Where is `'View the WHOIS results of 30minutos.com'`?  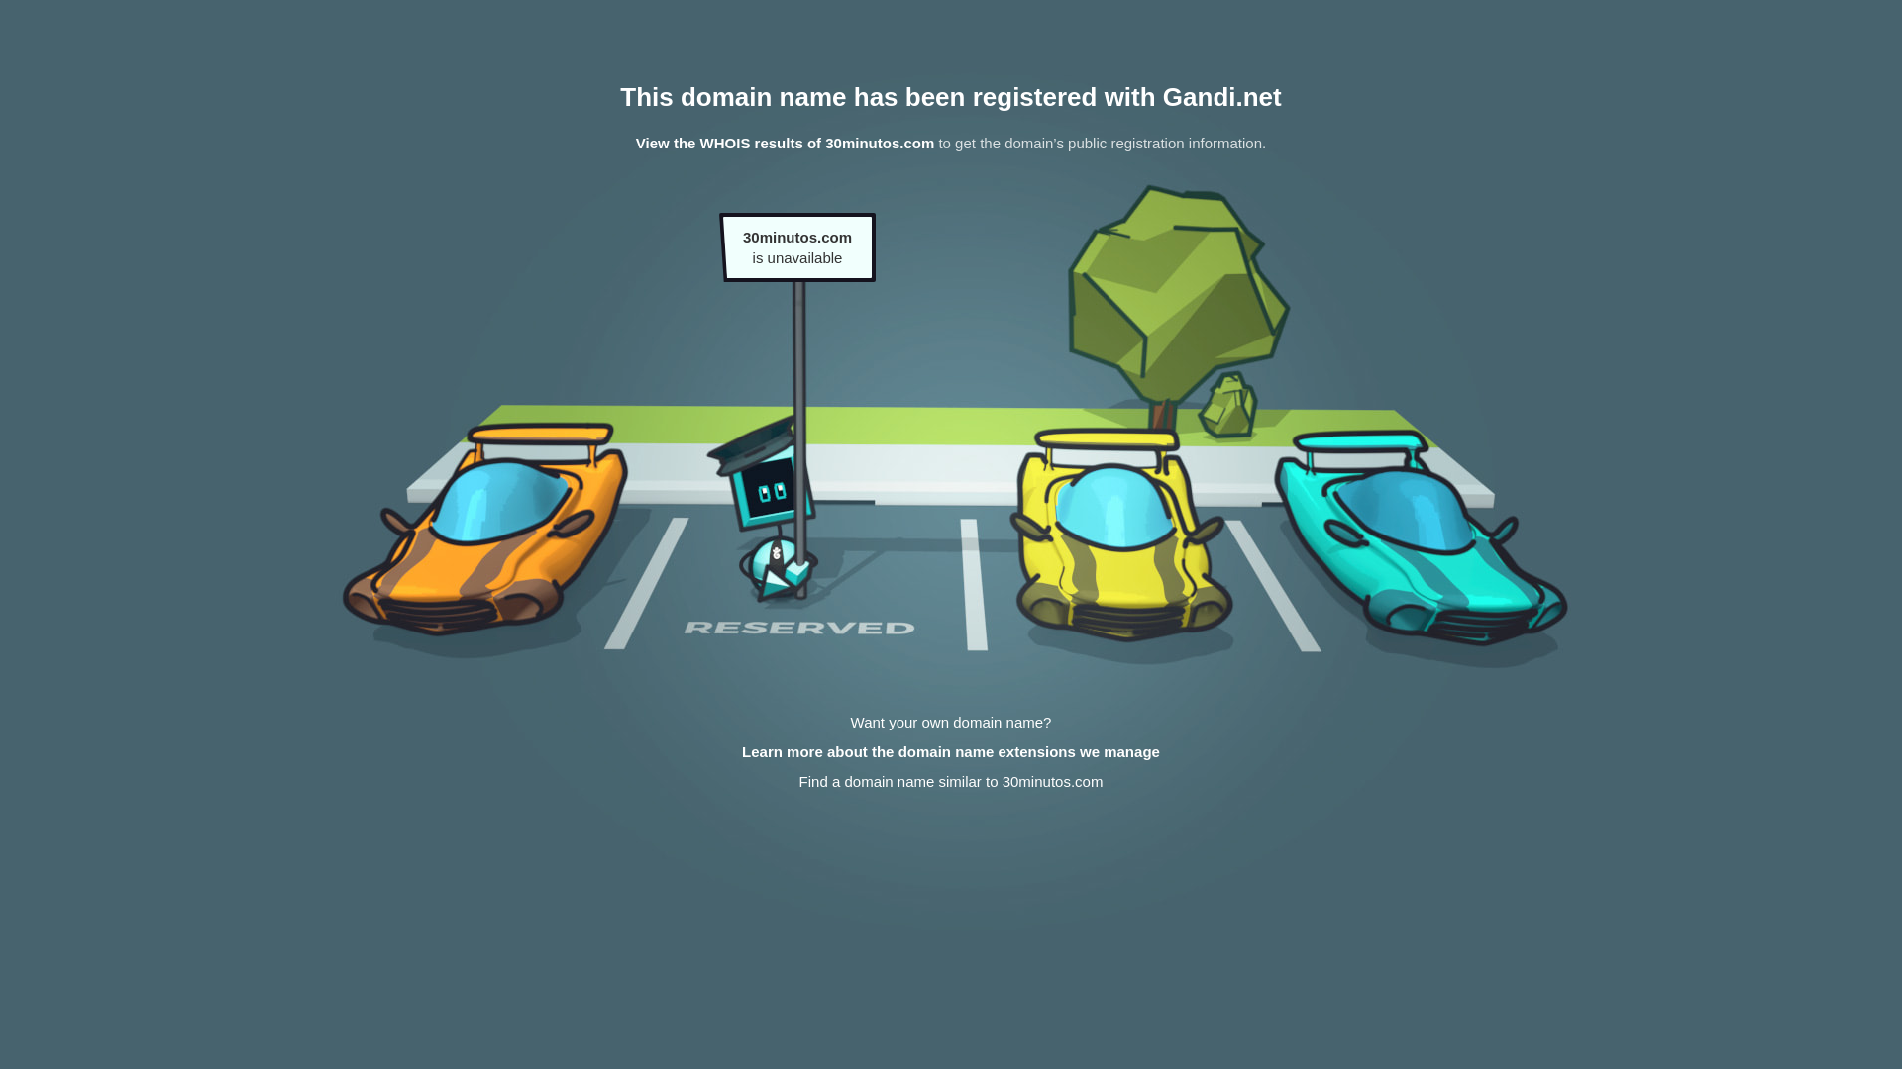 'View the WHOIS results of 30minutos.com' is located at coordinates (636, 142).